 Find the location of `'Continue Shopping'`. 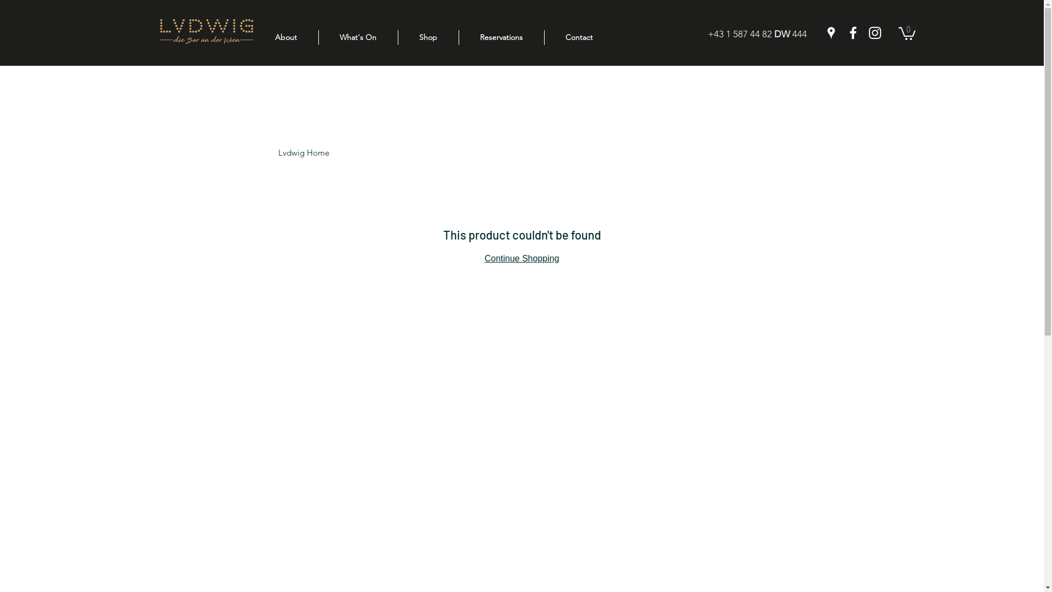

'Continue Shopping' is located at coordinates (521, 258).